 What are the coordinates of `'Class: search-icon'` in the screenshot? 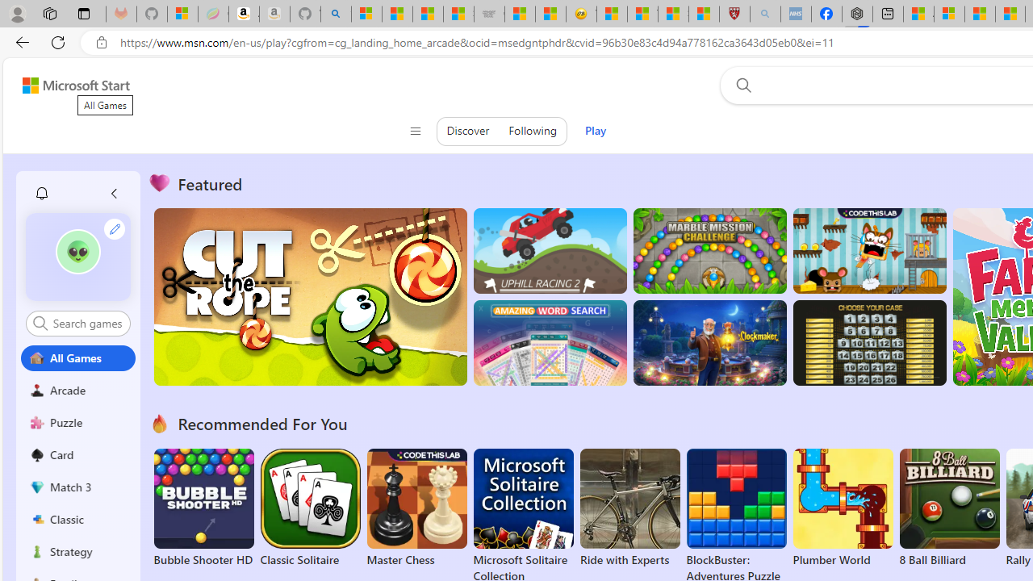 It's located at (40, 323).